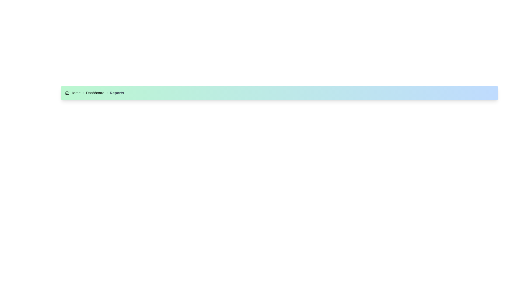 The image size is (517, 291). Describe the element at coordinates (83, 92) in the screenshot. I see `the right-pointing chevron icon in the breadcrumb navigation, which is positioned between the 'Home' and 'Dashboard' labels and is the second separator from the left` at that location.